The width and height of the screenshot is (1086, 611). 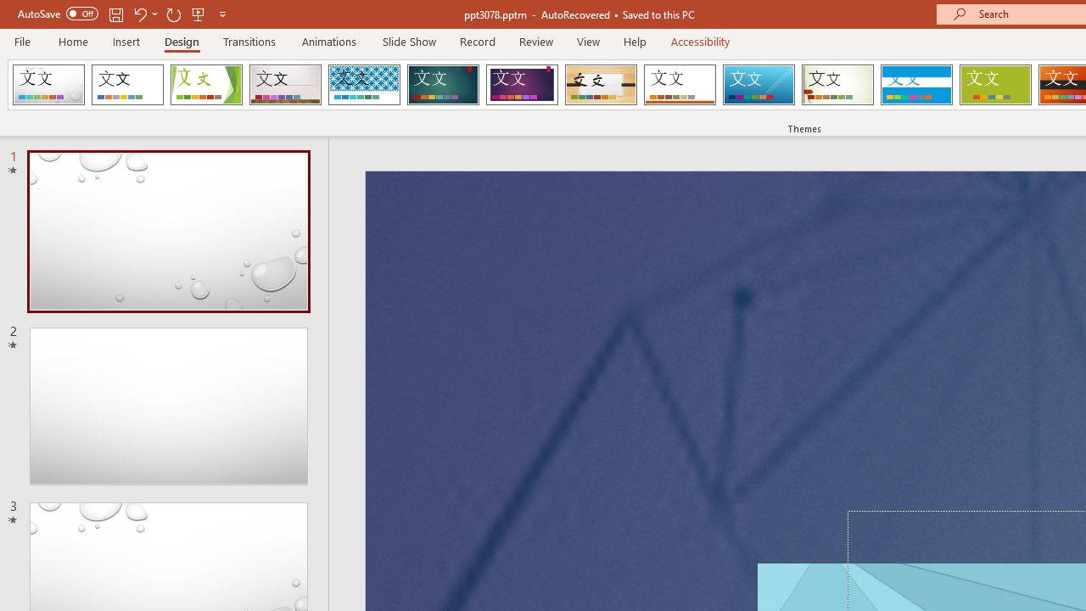 What do you see at coordinates (601, 85) in the screenshot?
I see `'Organic'` at bounding box center [601, 85].